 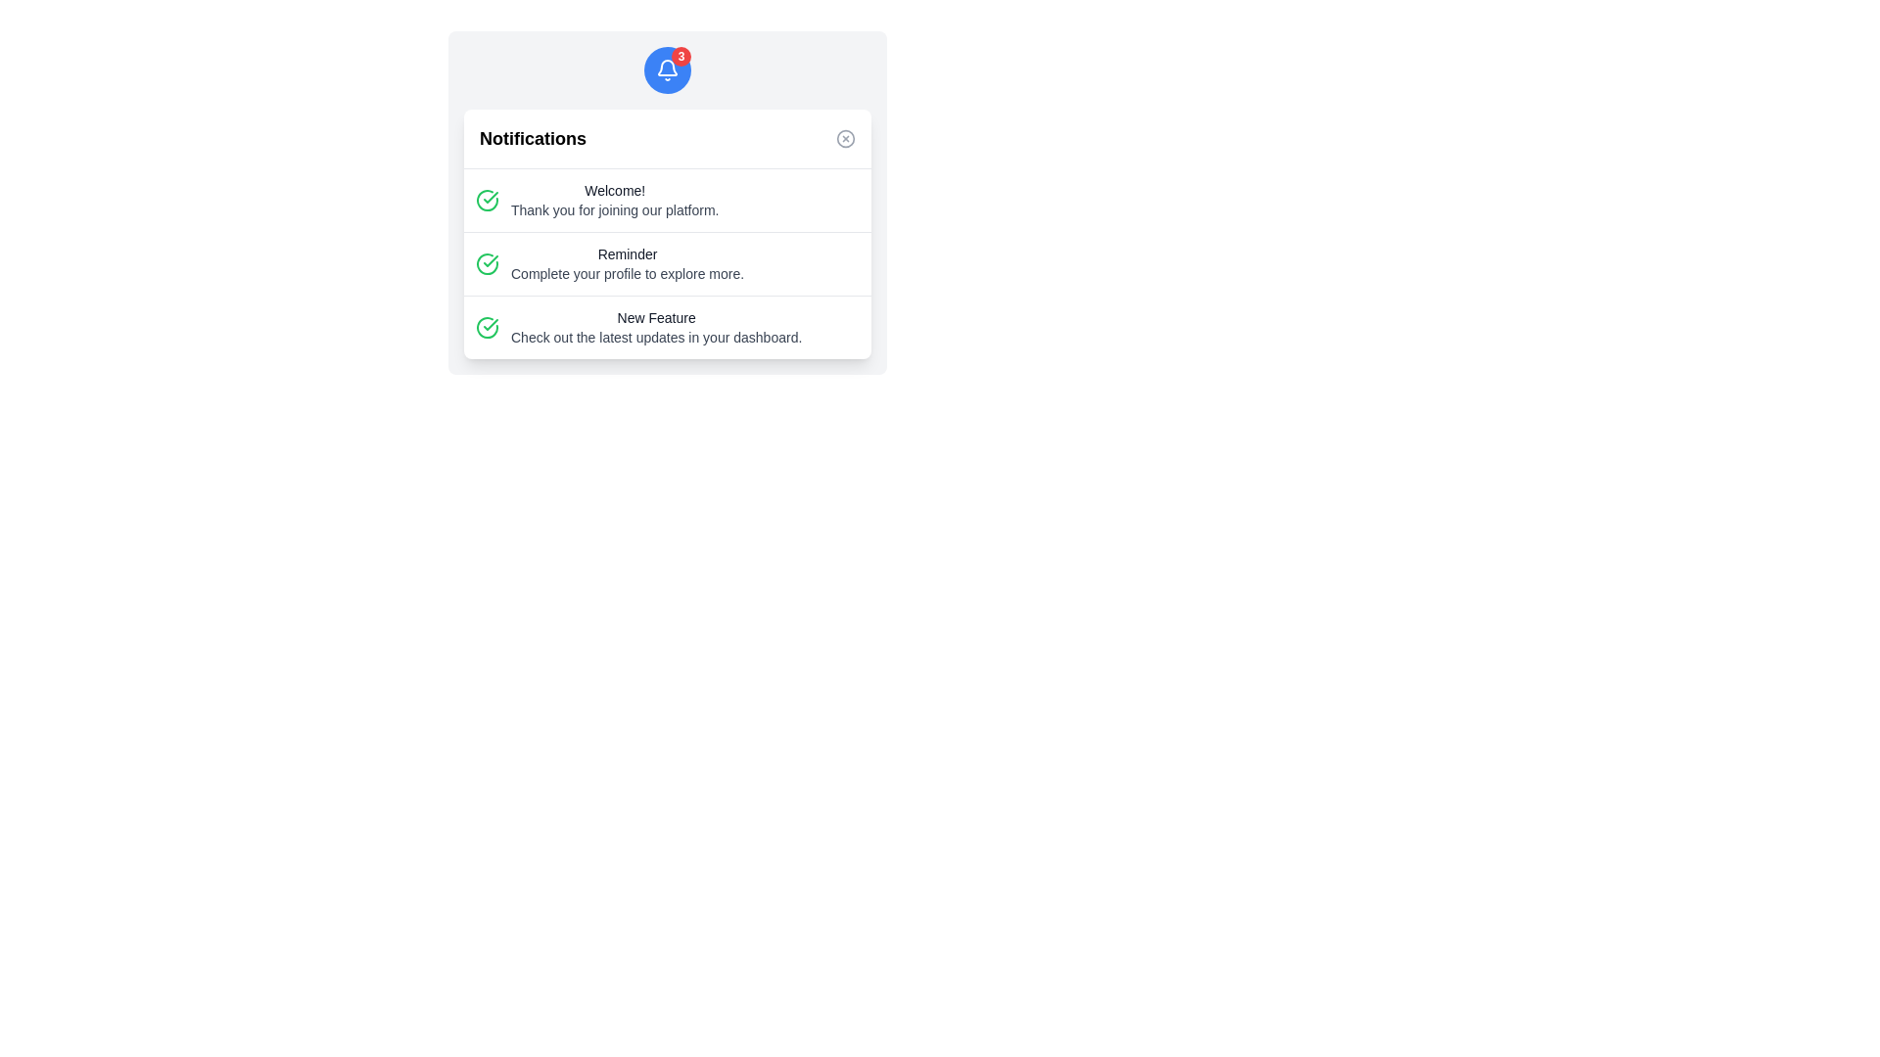 I want to click on the bell icon, which is part of the notification feature located near the top-center of the display, so click(x=667, y=67).